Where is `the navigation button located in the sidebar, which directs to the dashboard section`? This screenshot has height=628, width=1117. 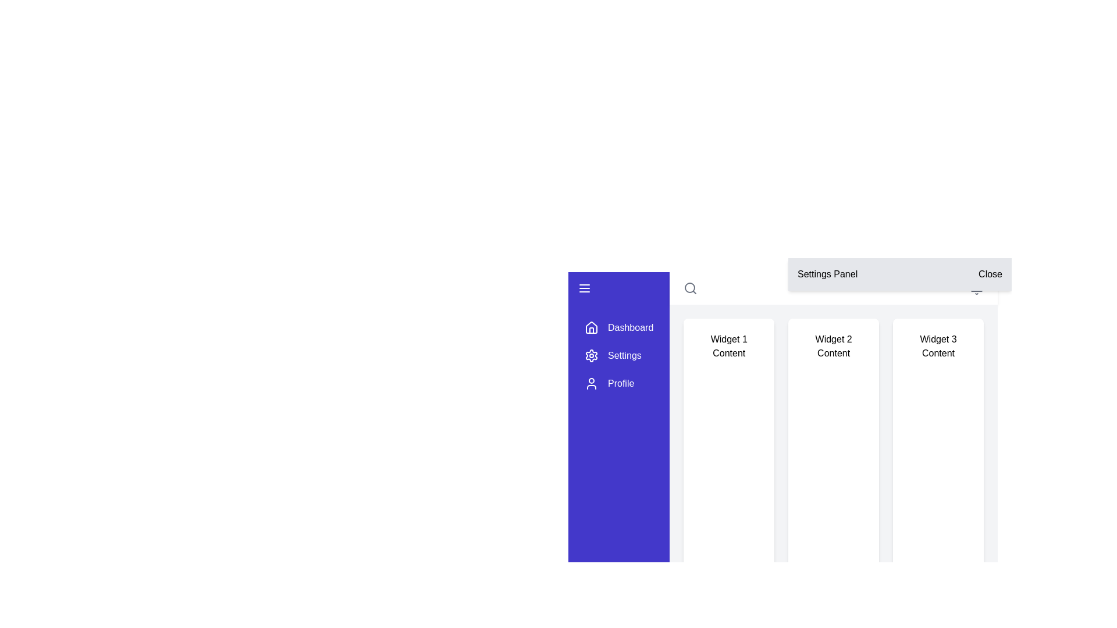
the navigation button located in the sidebar, which directs to the dashboard section is located at coordinates (618, 327).